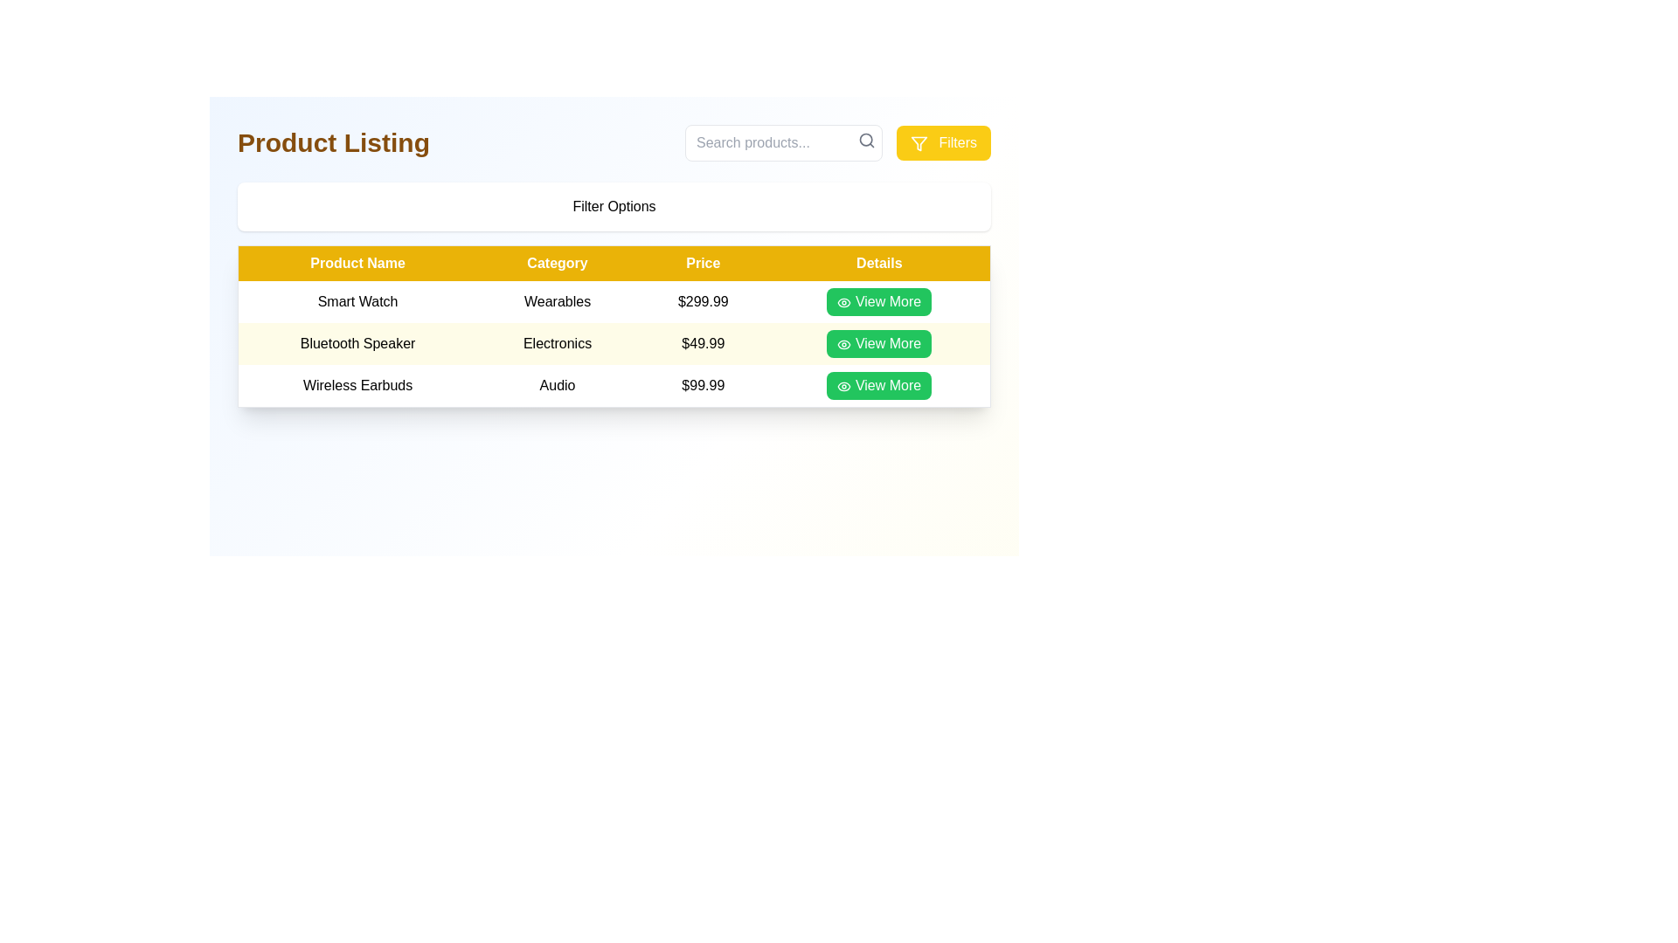 The width and height of the screenshot is (1678, 943). Describe the element at coordinates (357, 301) in the screenshot. I see `the centered black text label displaying 'Smart Watch' in the first column of the product listing table` at that location.